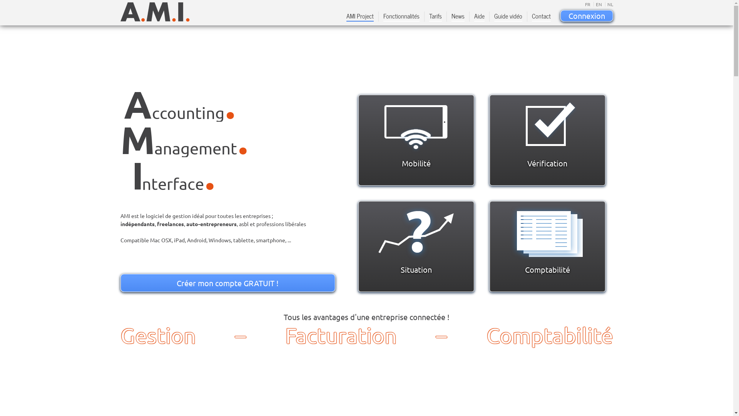 This screenshot has height=416, width=739. Describe the element at coordinates (593, 4) in the screenshot. I see `'EN'` at that location.